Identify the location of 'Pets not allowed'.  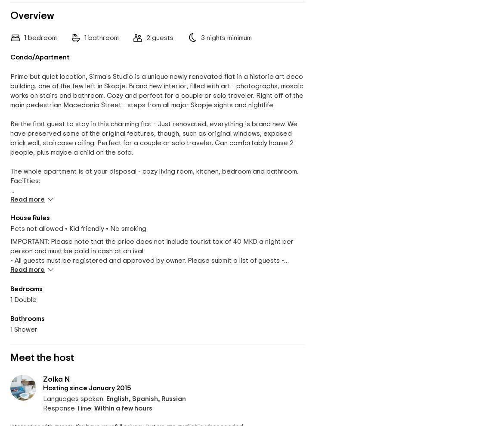
(36, 228).